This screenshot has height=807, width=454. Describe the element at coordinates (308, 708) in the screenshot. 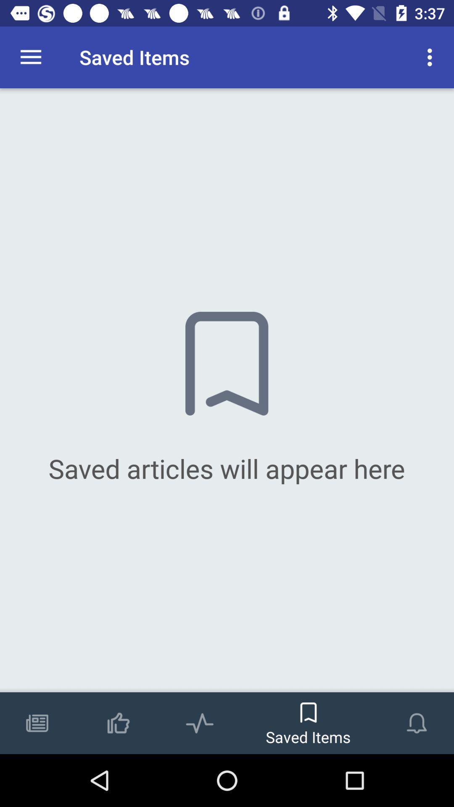

I see `the icon above text saved items` at that location.